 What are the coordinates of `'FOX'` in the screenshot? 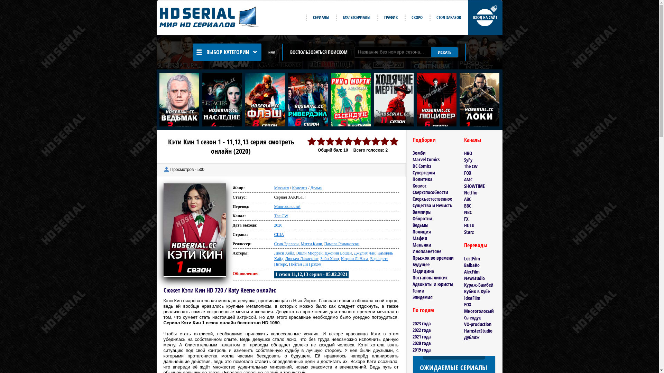 It's located at (468, 304).